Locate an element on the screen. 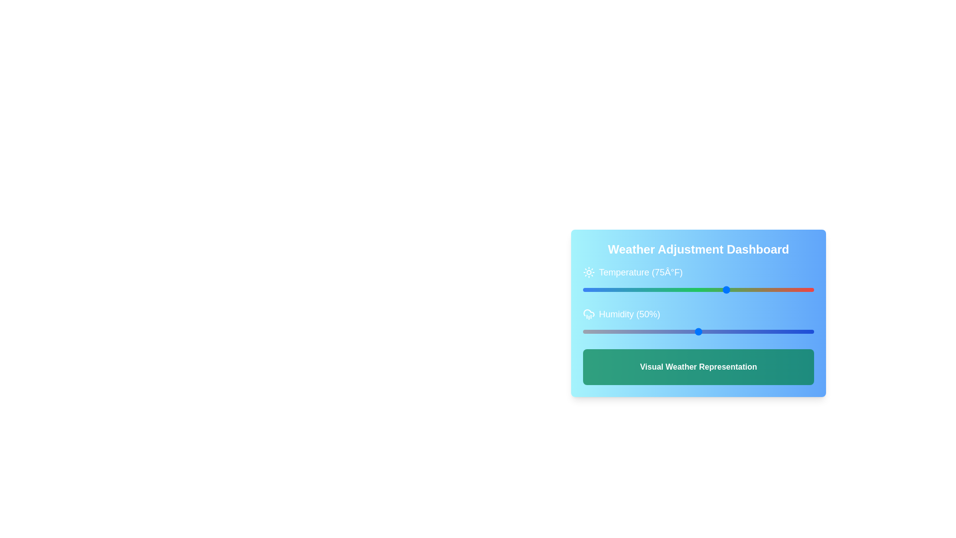 The height and width of the screenshot is (538, 956). the humidity slider to 5% is located at coordinates (595, 332).